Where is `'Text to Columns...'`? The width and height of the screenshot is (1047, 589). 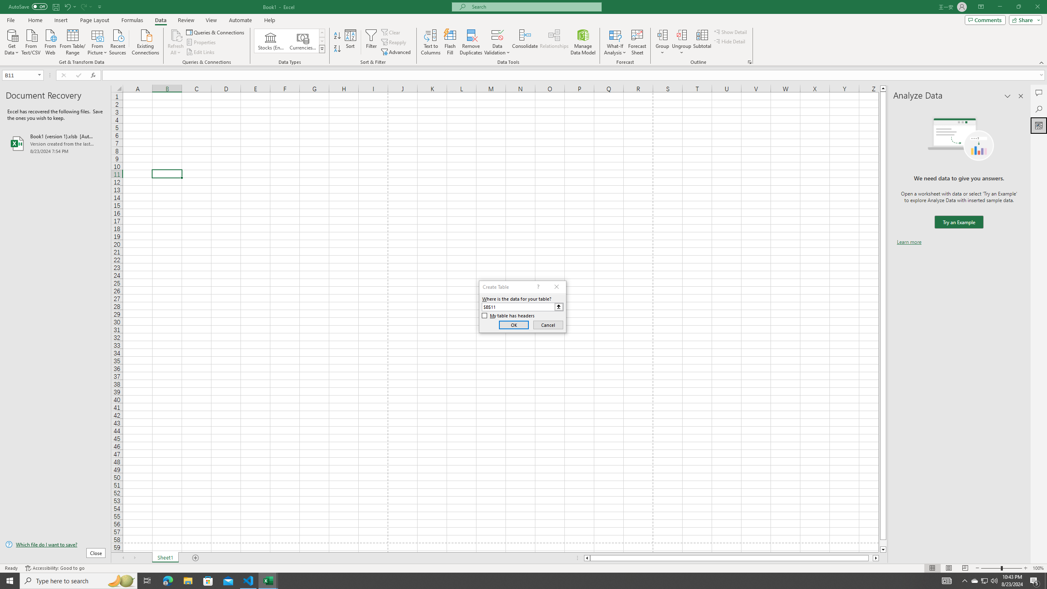 'Text to Columns...' is located at coordinates (430, 42).